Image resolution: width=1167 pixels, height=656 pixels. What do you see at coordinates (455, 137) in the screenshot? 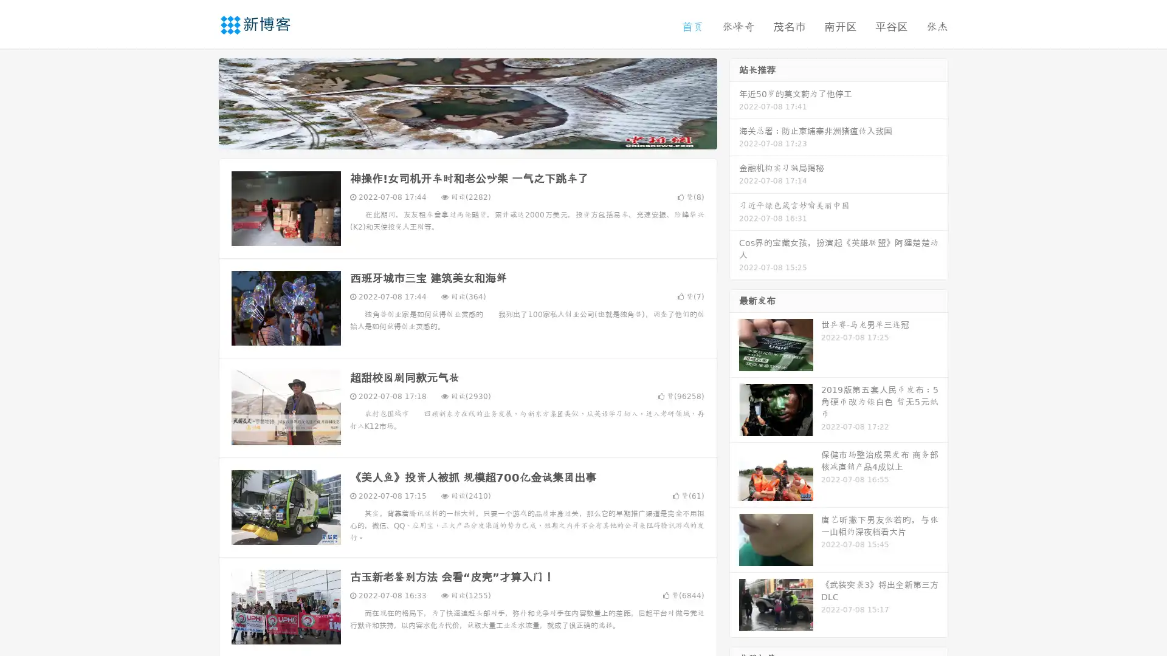
I see `Go to slide 1` at bounding box center [455, 137].